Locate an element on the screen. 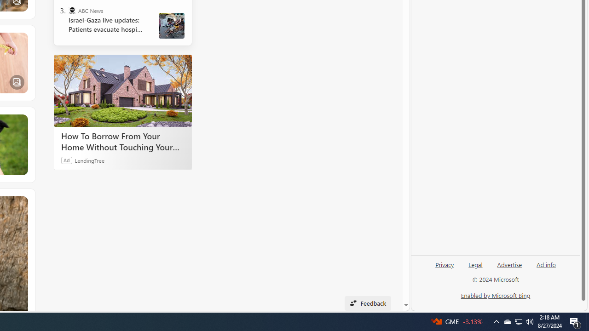  'Ad' is located at coordinates (66, 160).